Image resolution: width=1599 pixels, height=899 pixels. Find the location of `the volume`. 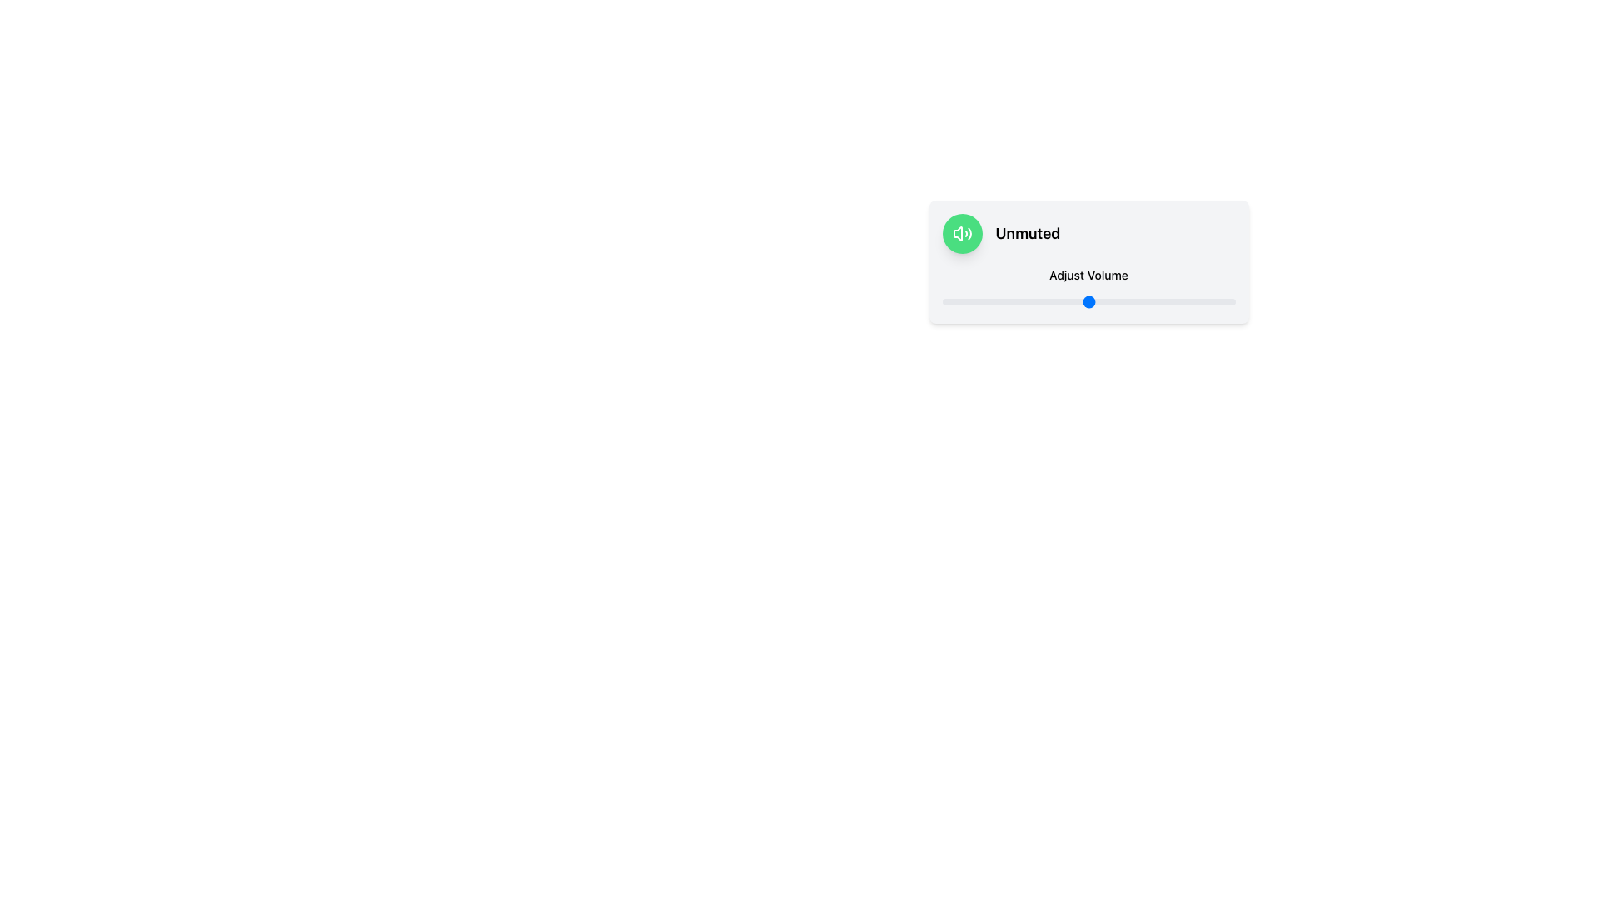

the volume is located at coordinates (957, 301).